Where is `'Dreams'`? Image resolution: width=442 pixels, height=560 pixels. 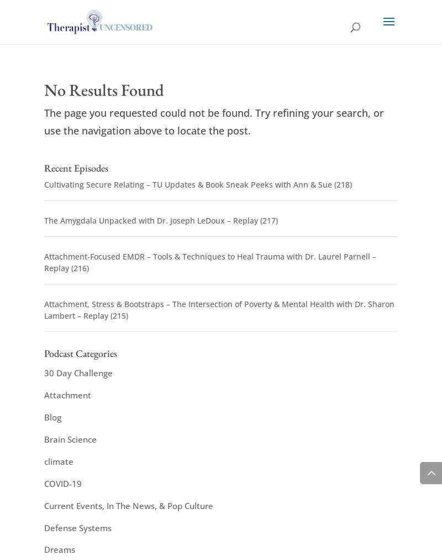
'Dreams' is located at coordinates (59, 549).